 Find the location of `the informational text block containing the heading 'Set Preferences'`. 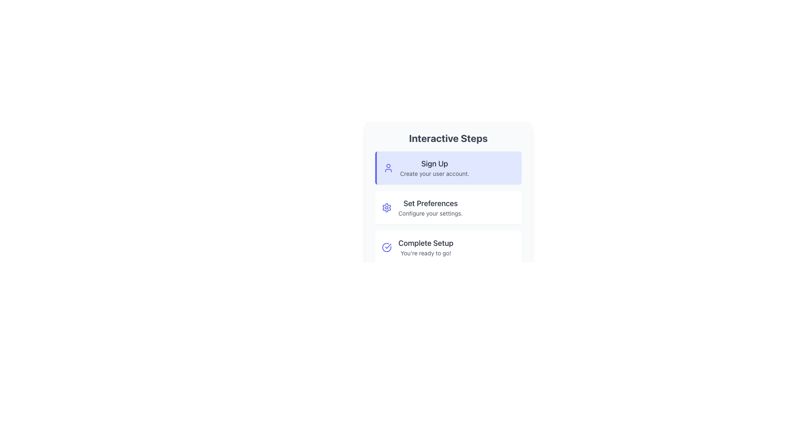

the informational text block containing the heading 'Set Preferences' is located at coordinates (430, 207).